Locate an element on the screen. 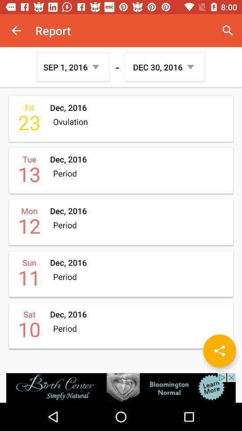  share button is located at coordinates (219, 351).